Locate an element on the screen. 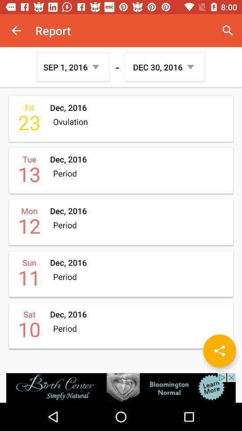  share button is located at coordinates (219, 351).